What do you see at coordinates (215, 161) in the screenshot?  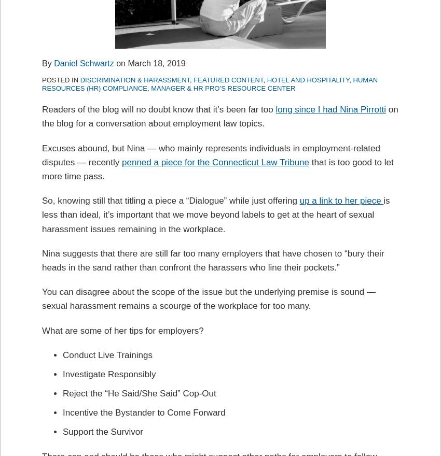 I see `'penned a piece for the Connecticut Law Tribune'` at bounding box center [215, 161].